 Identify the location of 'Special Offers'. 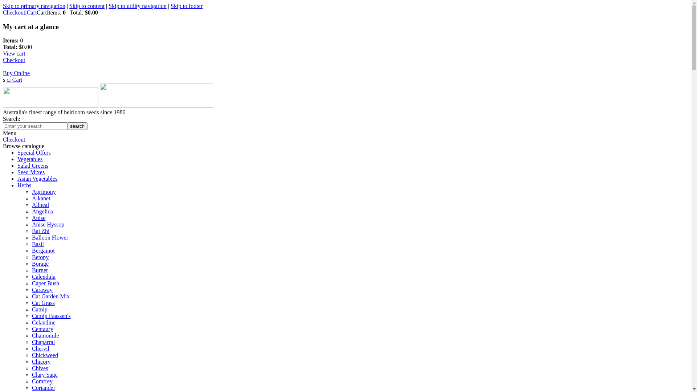
(34, 152).